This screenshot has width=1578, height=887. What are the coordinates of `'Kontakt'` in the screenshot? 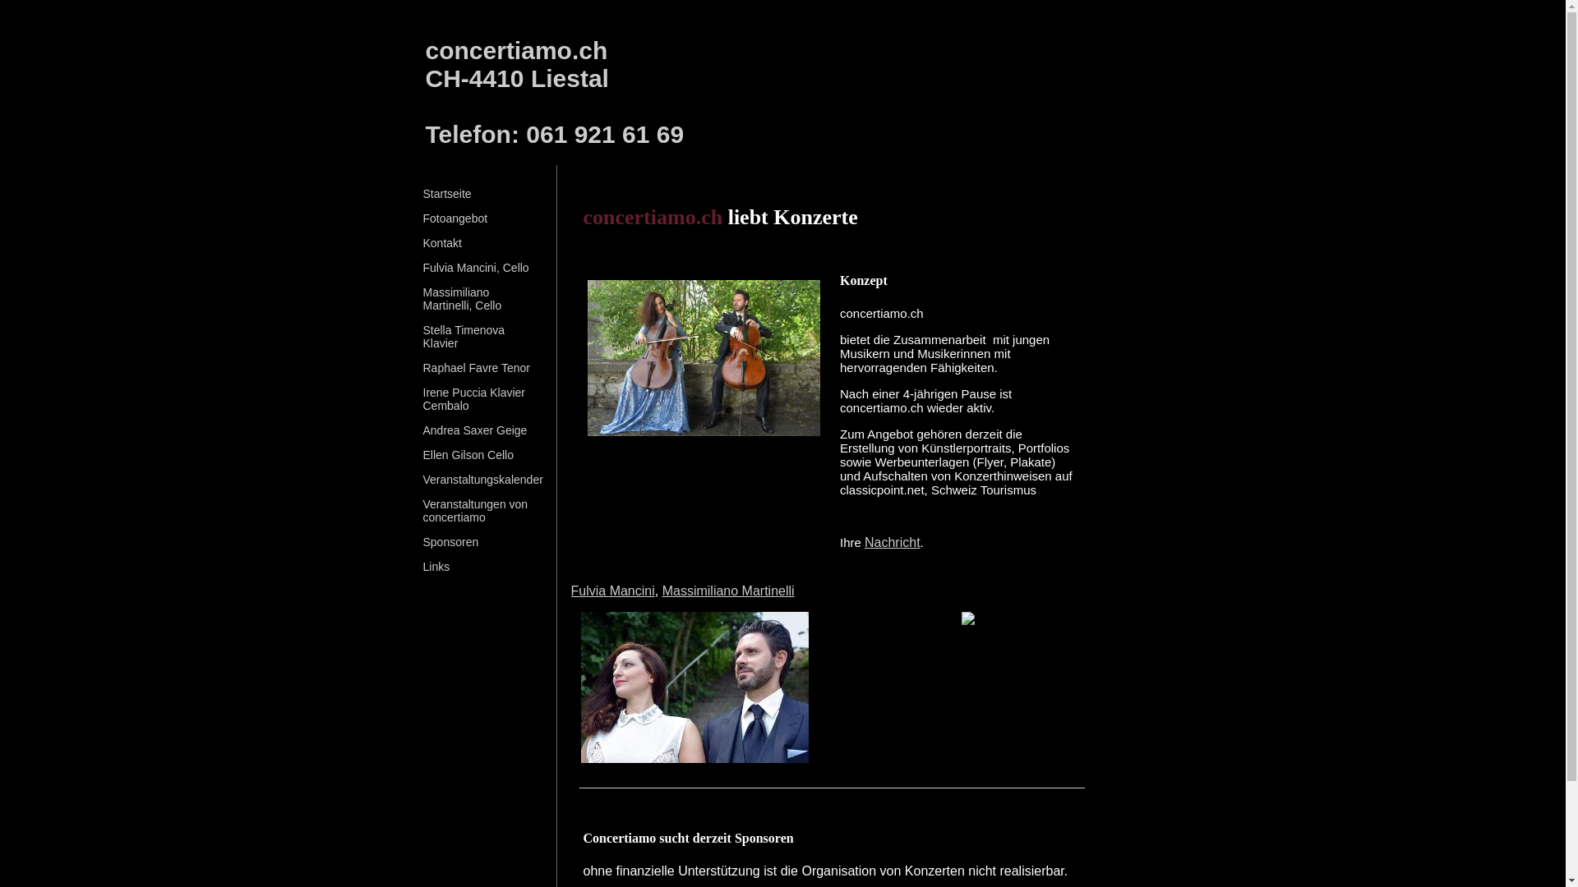 It's located at (441, 249).